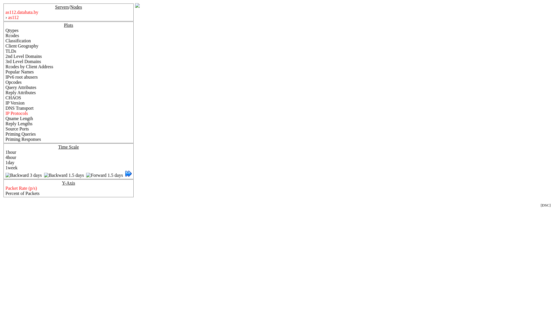 The width and height of the screenshot is (553, 311). I want to click on 'Backward 1.5 days', so click(44, 175).